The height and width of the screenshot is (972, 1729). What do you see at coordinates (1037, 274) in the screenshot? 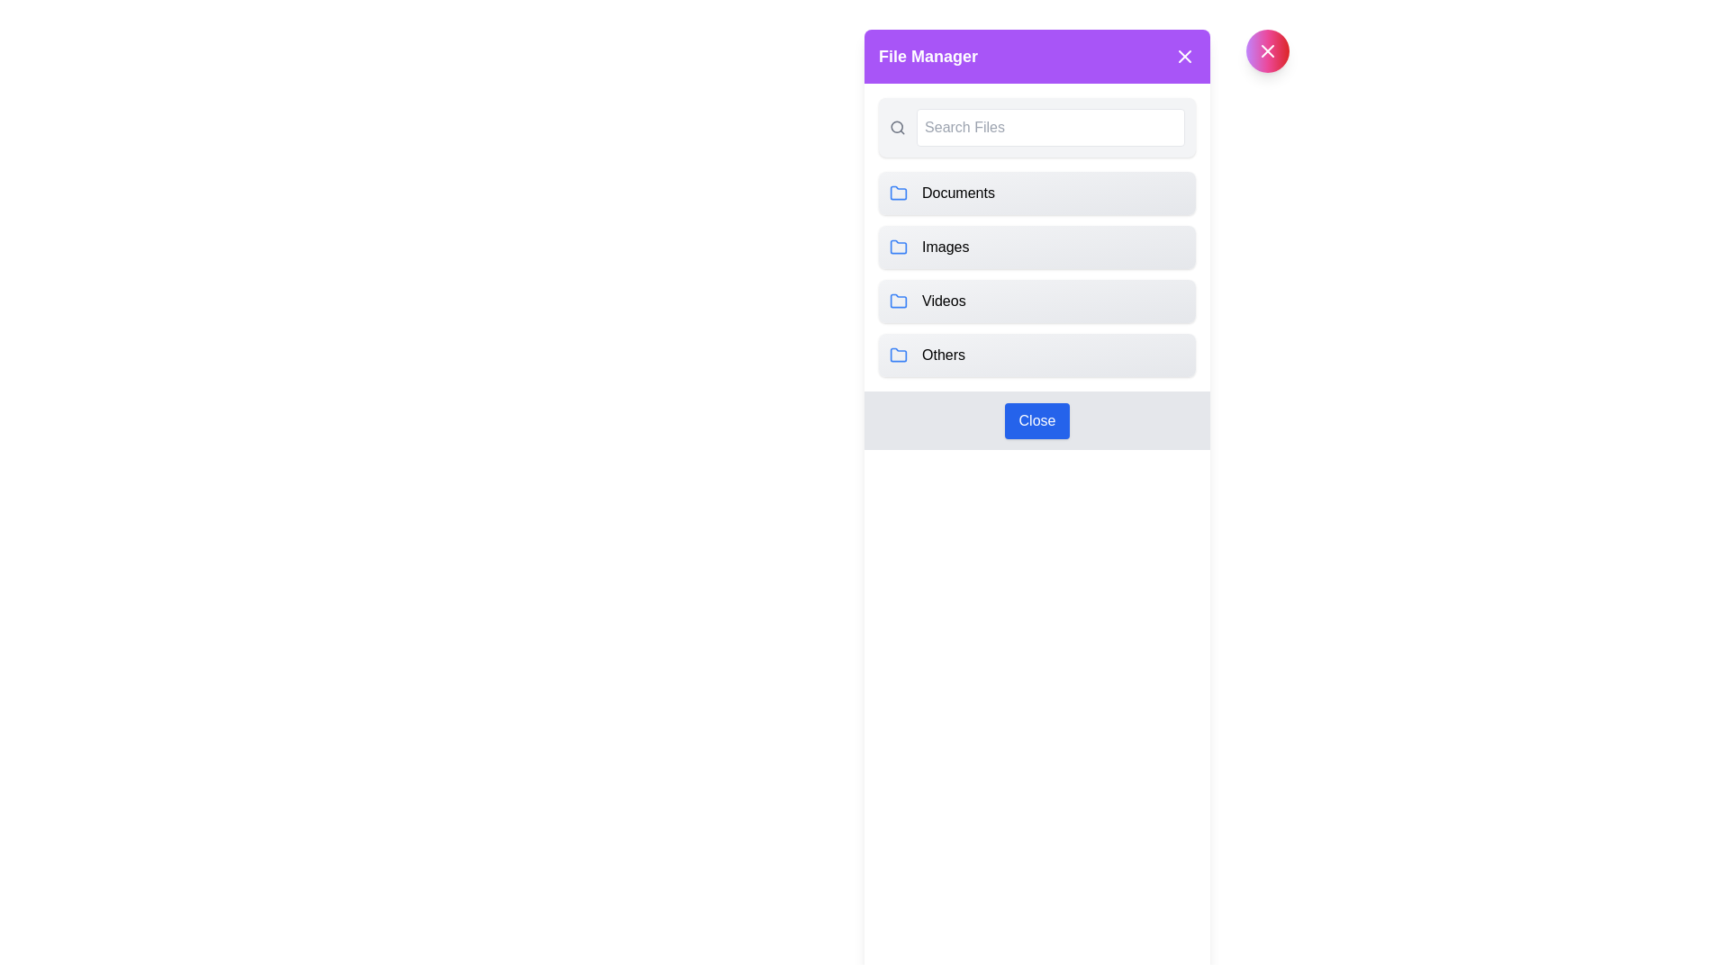
I see `the second item in the list labeled 'Images'` at bounding box center [1037, 274].